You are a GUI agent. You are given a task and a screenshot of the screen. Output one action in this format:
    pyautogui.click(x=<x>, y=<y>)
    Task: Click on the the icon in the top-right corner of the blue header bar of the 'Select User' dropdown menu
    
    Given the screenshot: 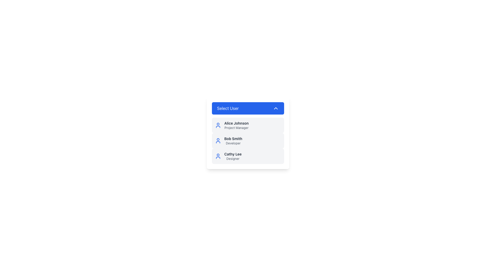 What is the action you would take?
    pyautogui.click(x=276, y=108)
    